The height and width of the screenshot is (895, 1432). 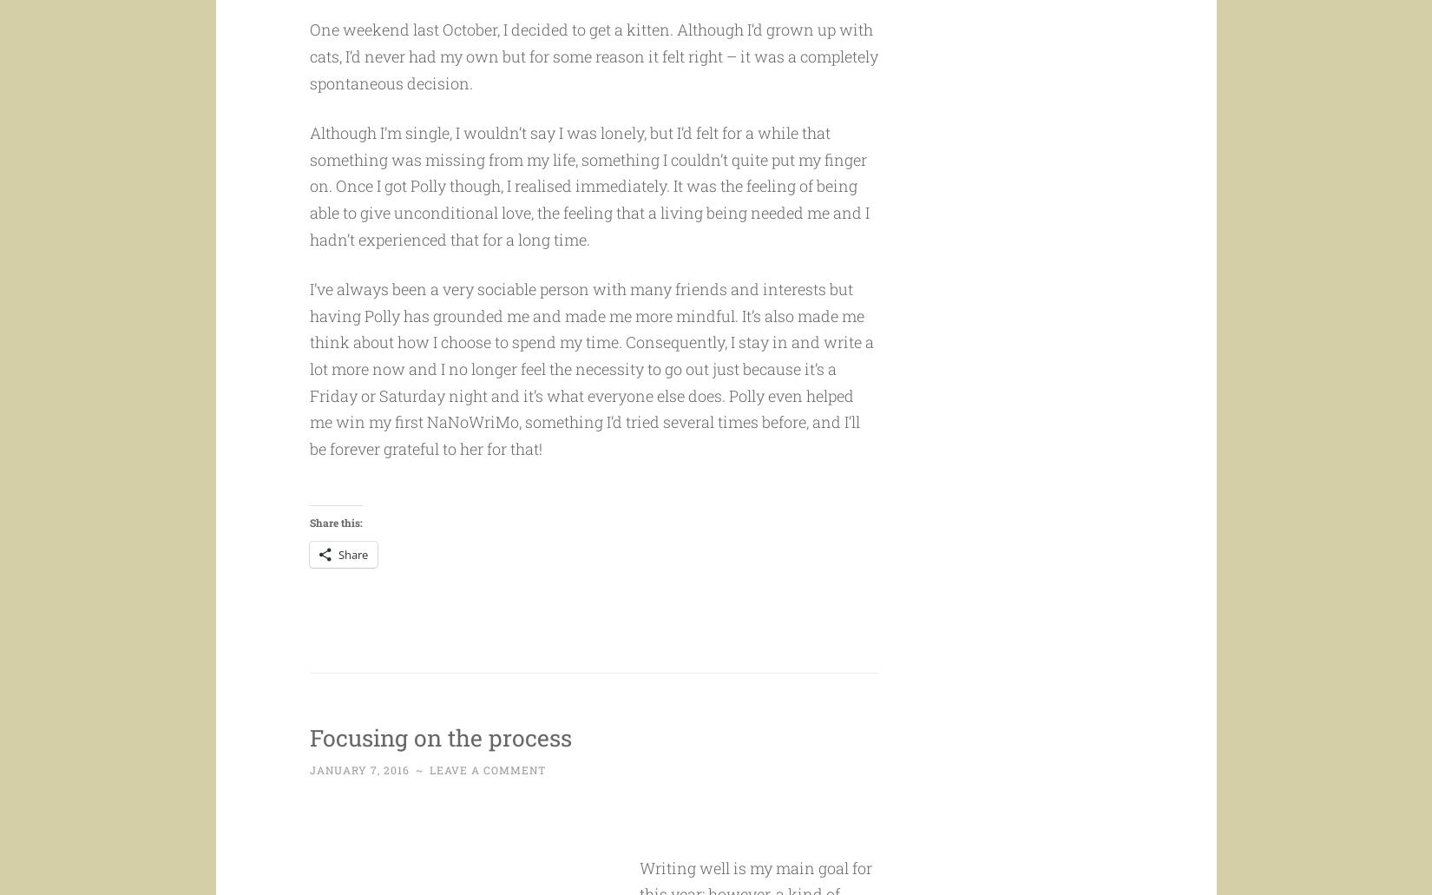 I want to click on 'Share this:', so click(x=335, y=556).